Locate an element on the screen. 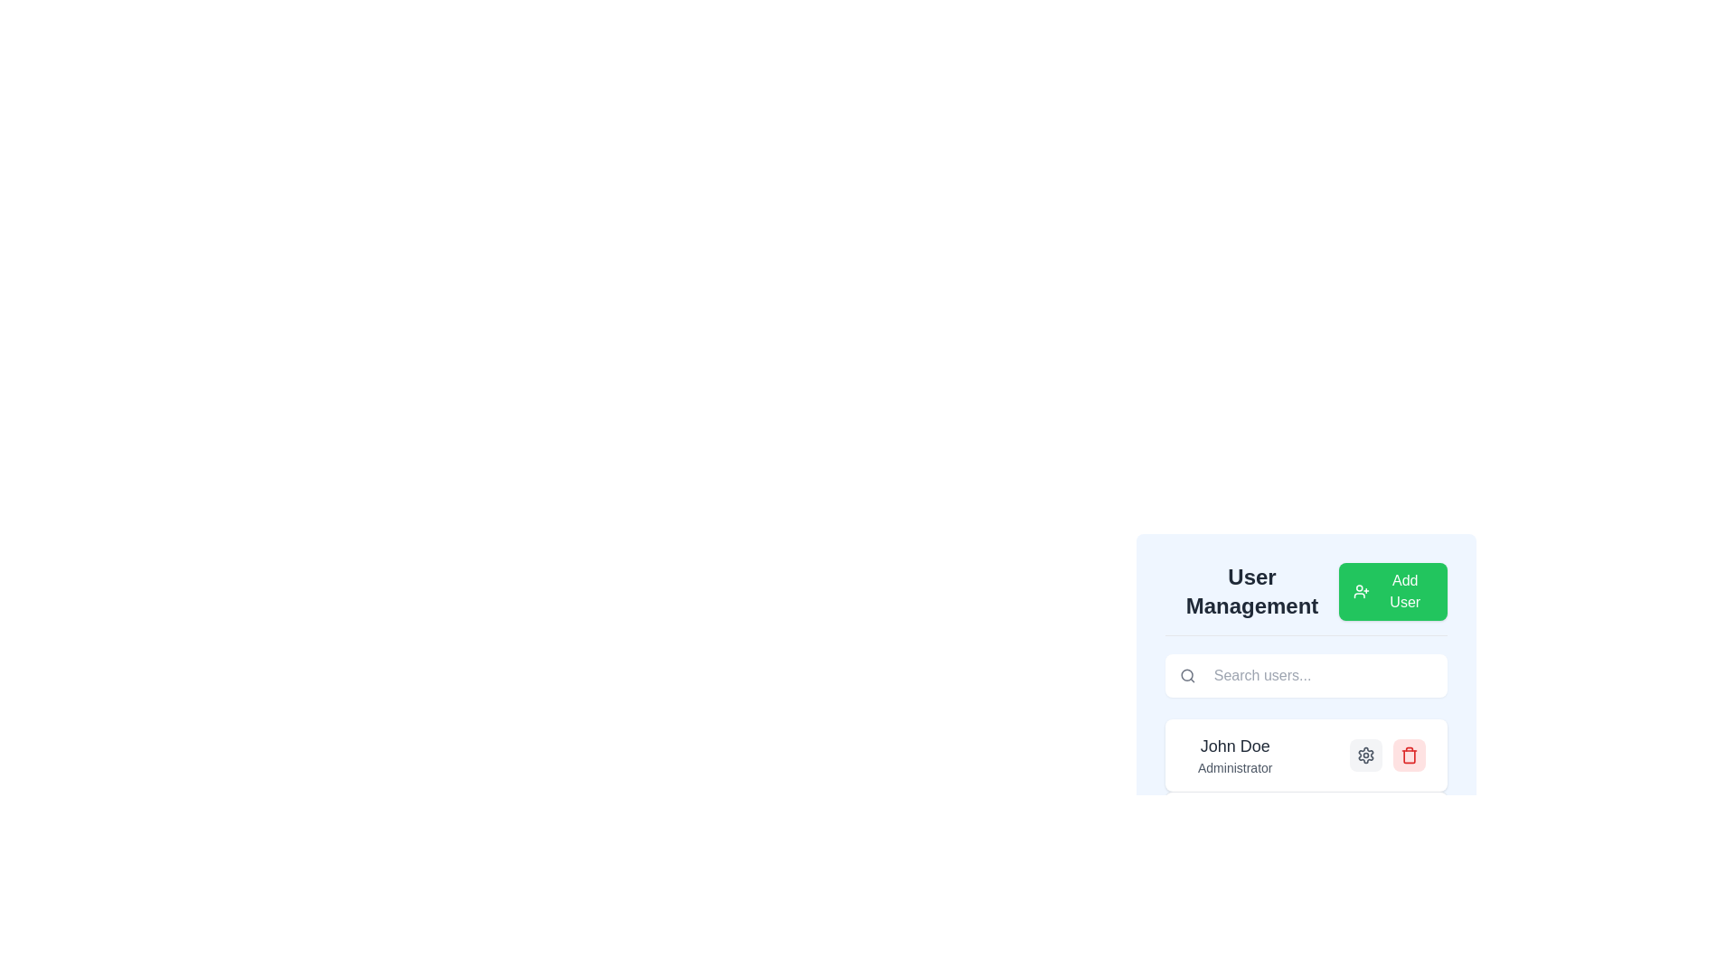  the button that adds a new user, located to the right of the 'User Management' header is located at coordinates (1392, 592).